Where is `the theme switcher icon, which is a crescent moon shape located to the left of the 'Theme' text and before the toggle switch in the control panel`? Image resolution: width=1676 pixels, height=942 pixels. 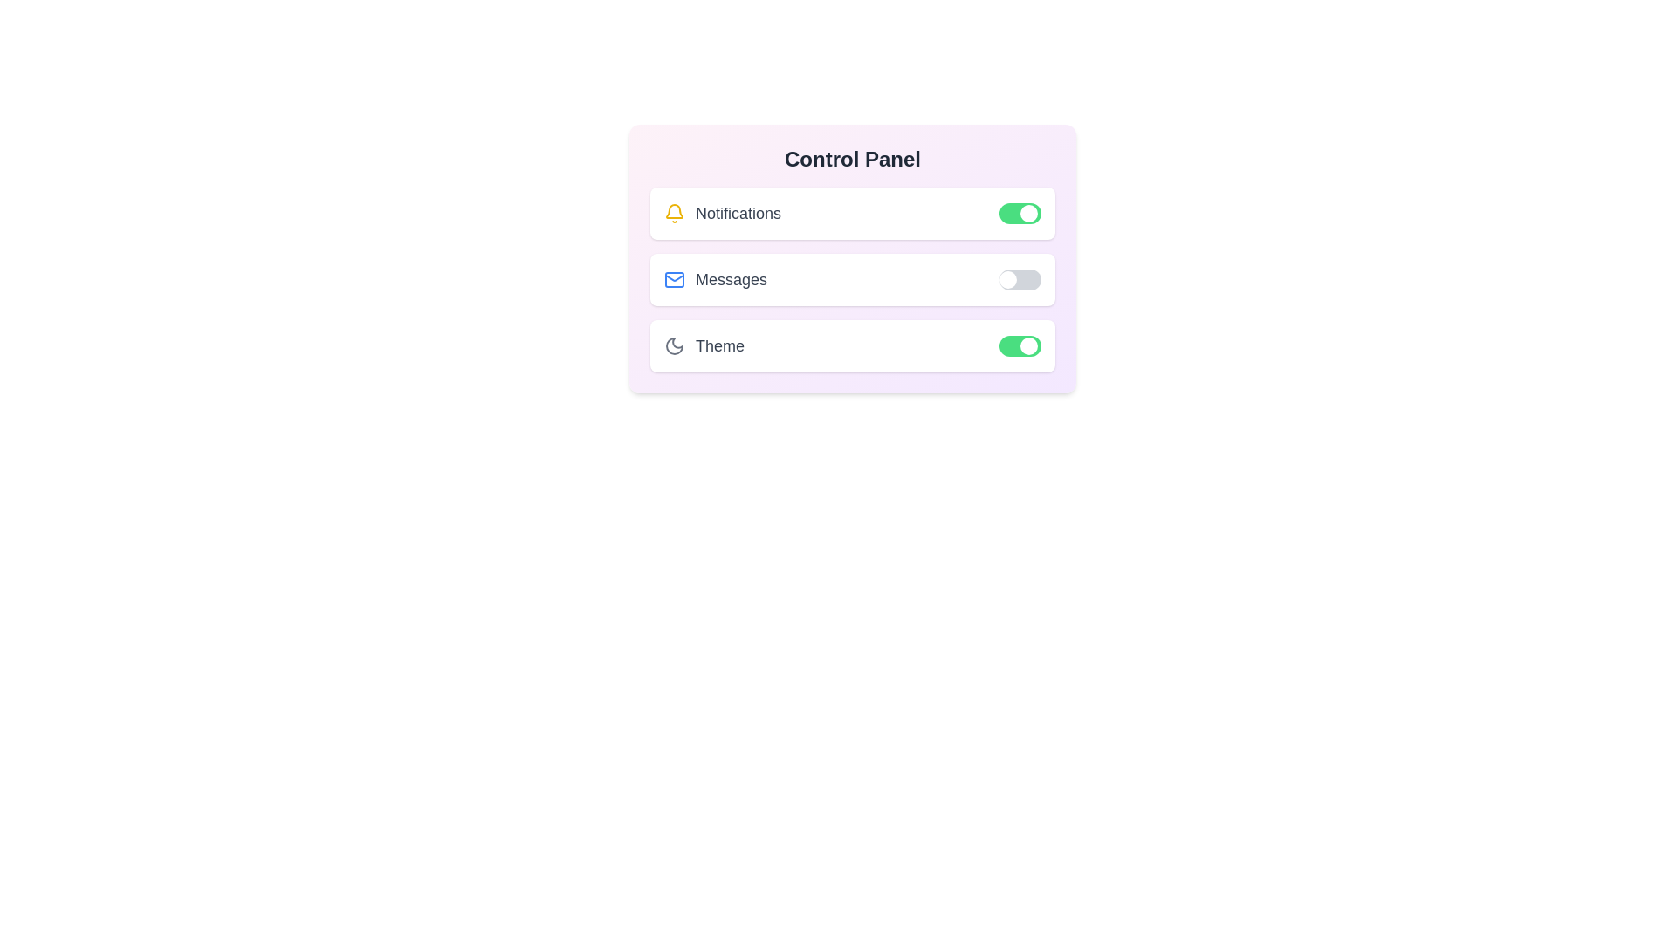
the theme switcher icon, which is a crescent moon shape located to the left of the 'Theme' text and before the toggle switch in the control panel is located at coordinates (673, 346).